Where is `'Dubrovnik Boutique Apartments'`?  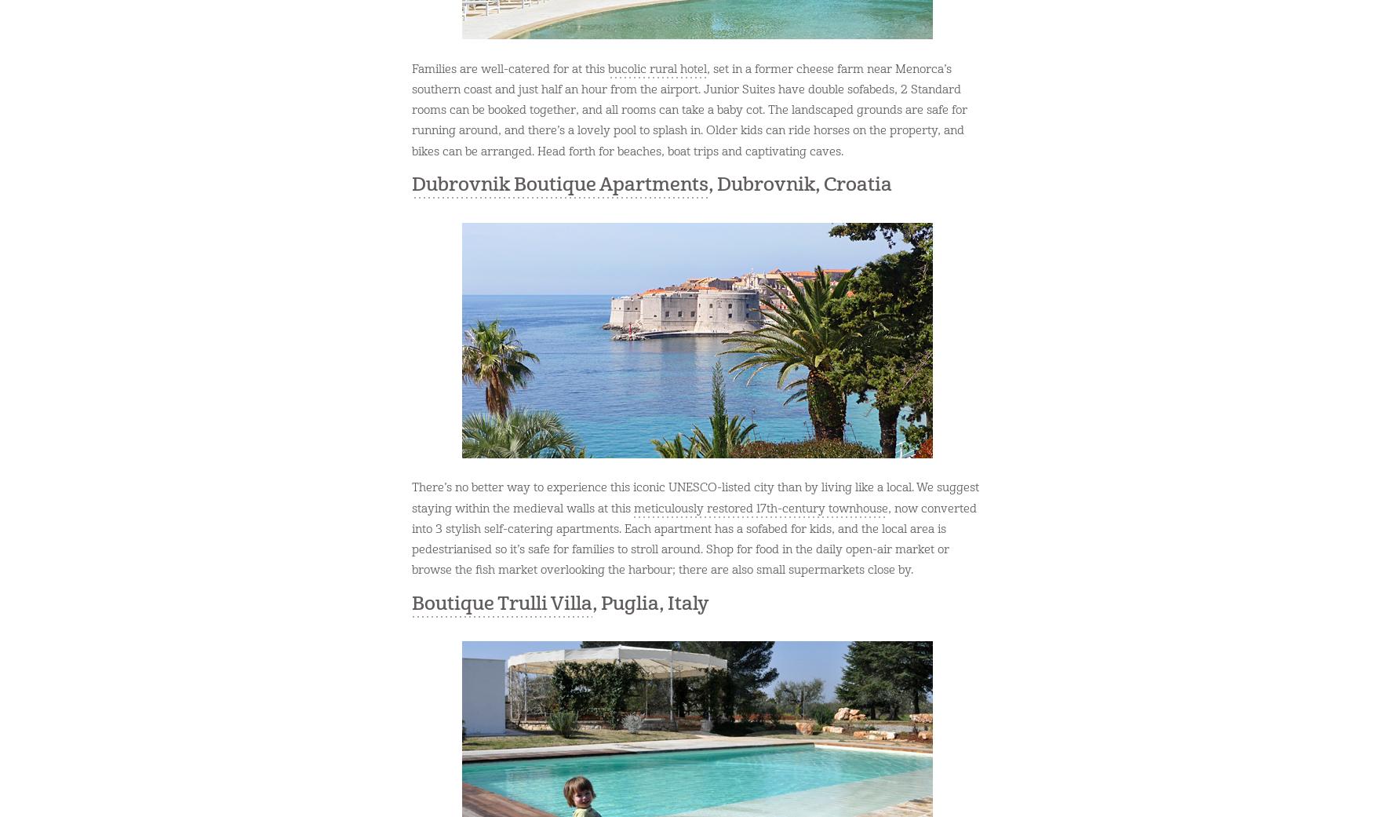 'Dubrovnik Boutique Apartments' is located at coordinates (412, 183).